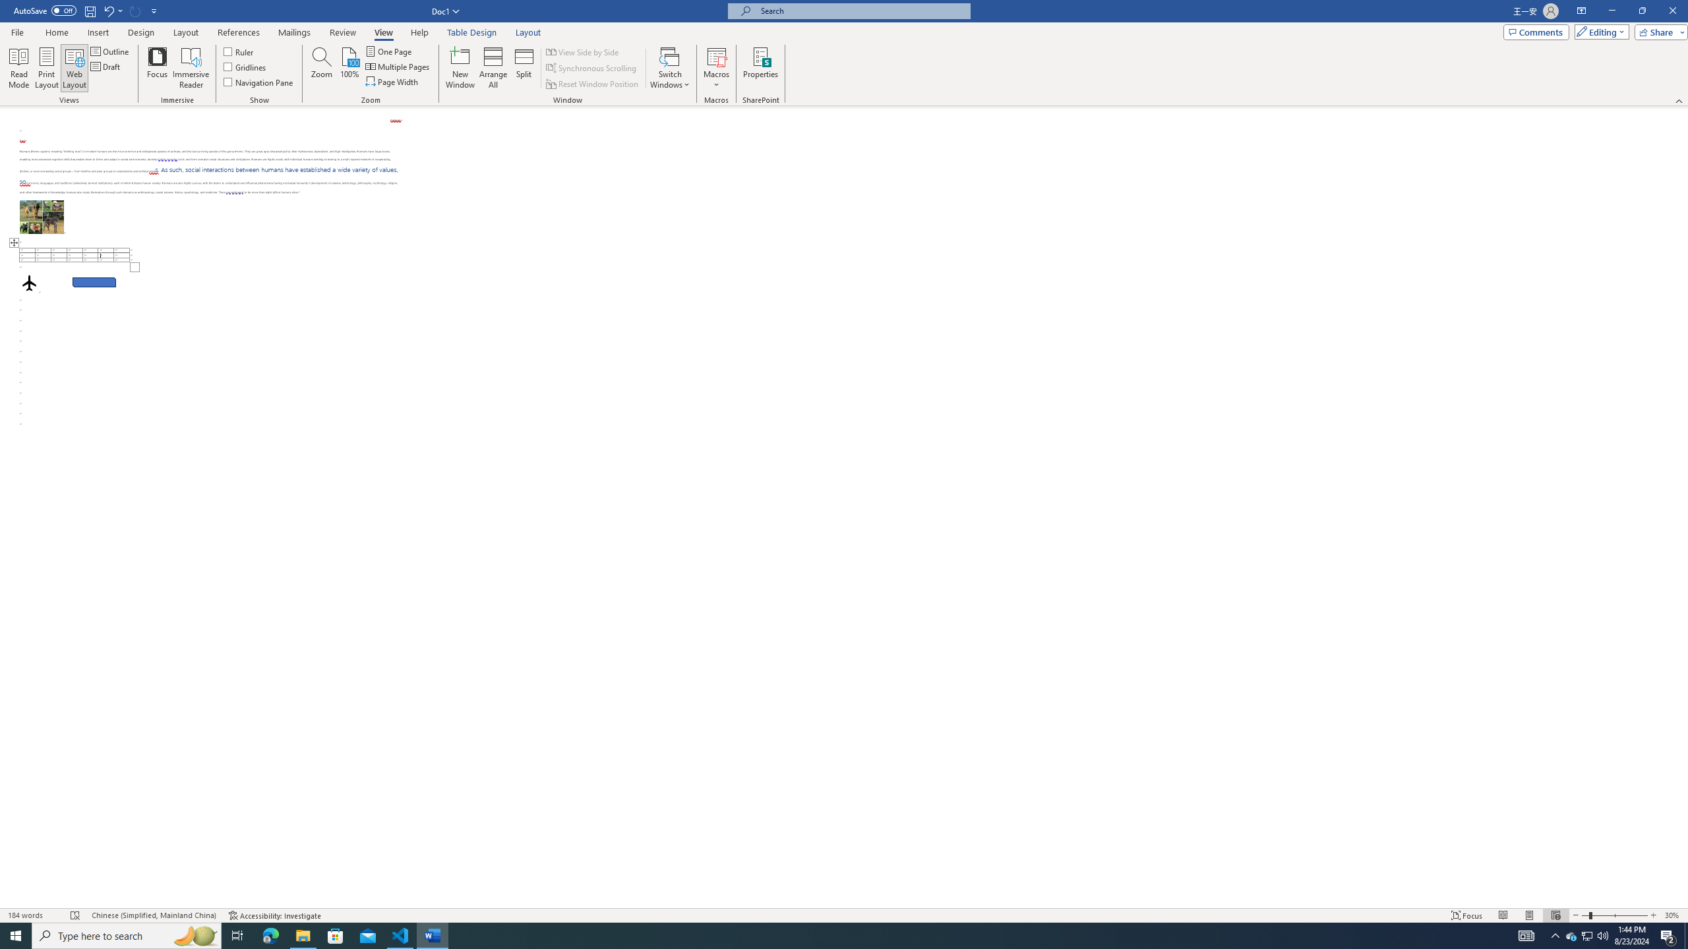 This screenshot has width=1688, height=949. I want to click on 'Table Design', so click(472, 32).